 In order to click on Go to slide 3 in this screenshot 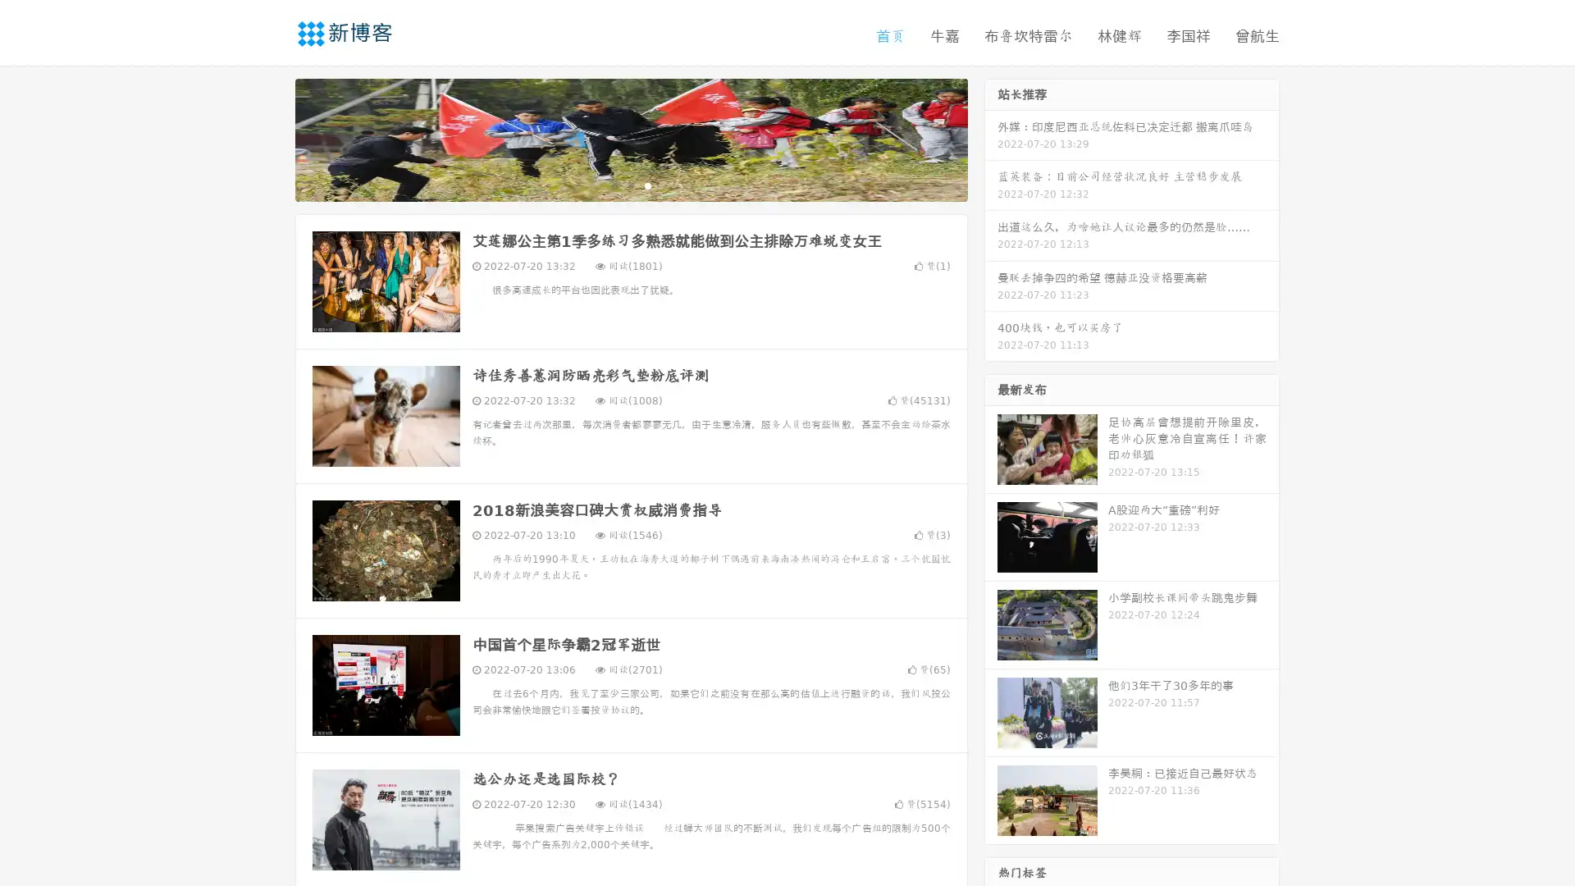, I will do `click(647, 185)`.